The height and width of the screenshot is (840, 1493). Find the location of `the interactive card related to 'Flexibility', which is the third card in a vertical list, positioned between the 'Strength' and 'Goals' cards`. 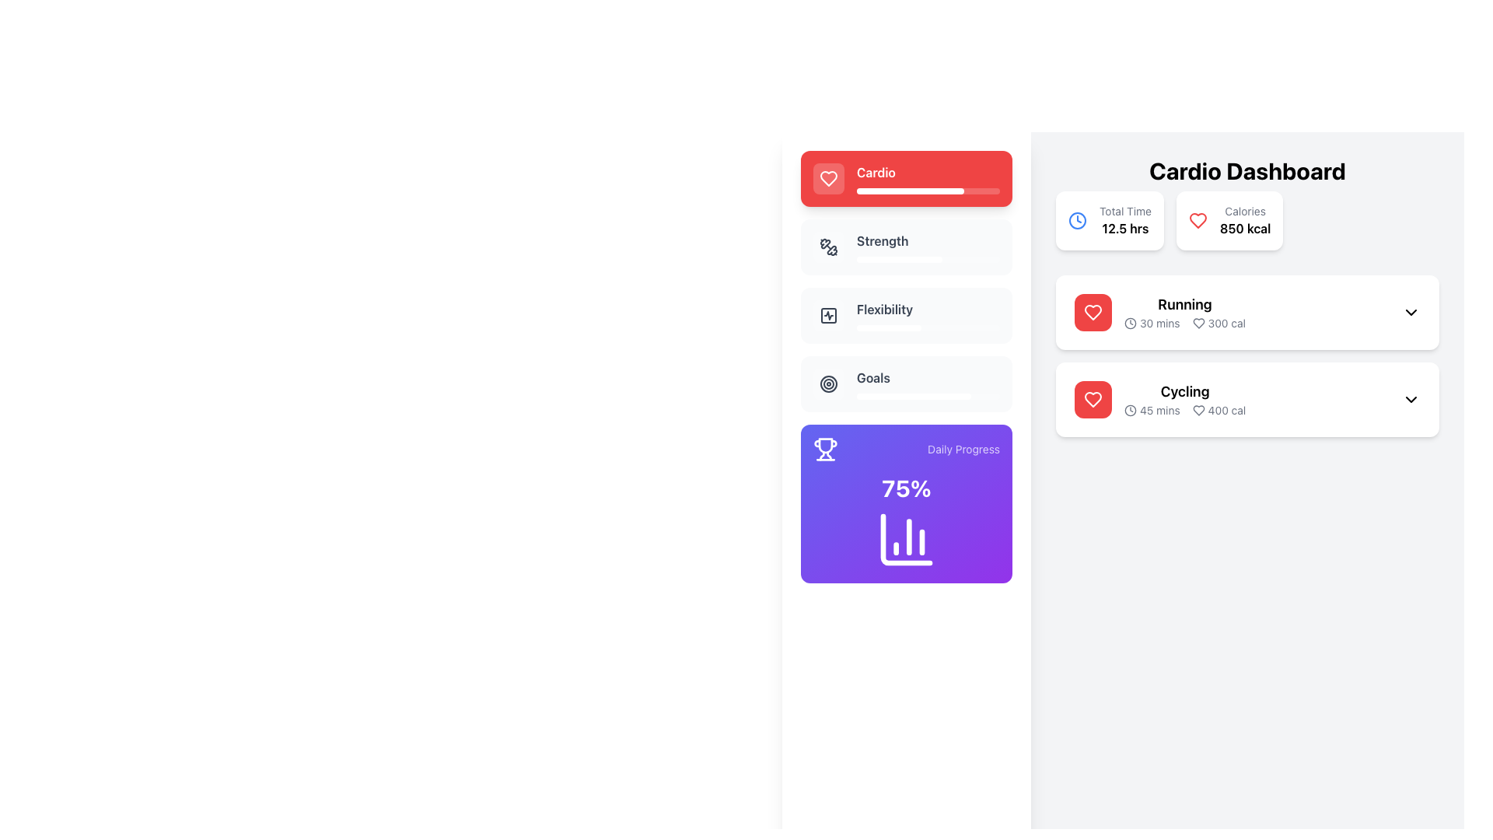

the interactive card related to 'Flexibility', which is the third card in a vertical list, positioned between the 'Strength' and 'Goals' cards is located at coordinates (907, 315).